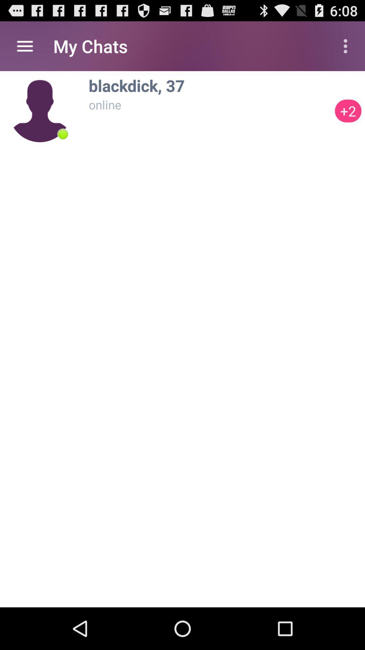 This screenshot has width=365, height=650. I want to click on item below the my chats item, so click(63, 134).